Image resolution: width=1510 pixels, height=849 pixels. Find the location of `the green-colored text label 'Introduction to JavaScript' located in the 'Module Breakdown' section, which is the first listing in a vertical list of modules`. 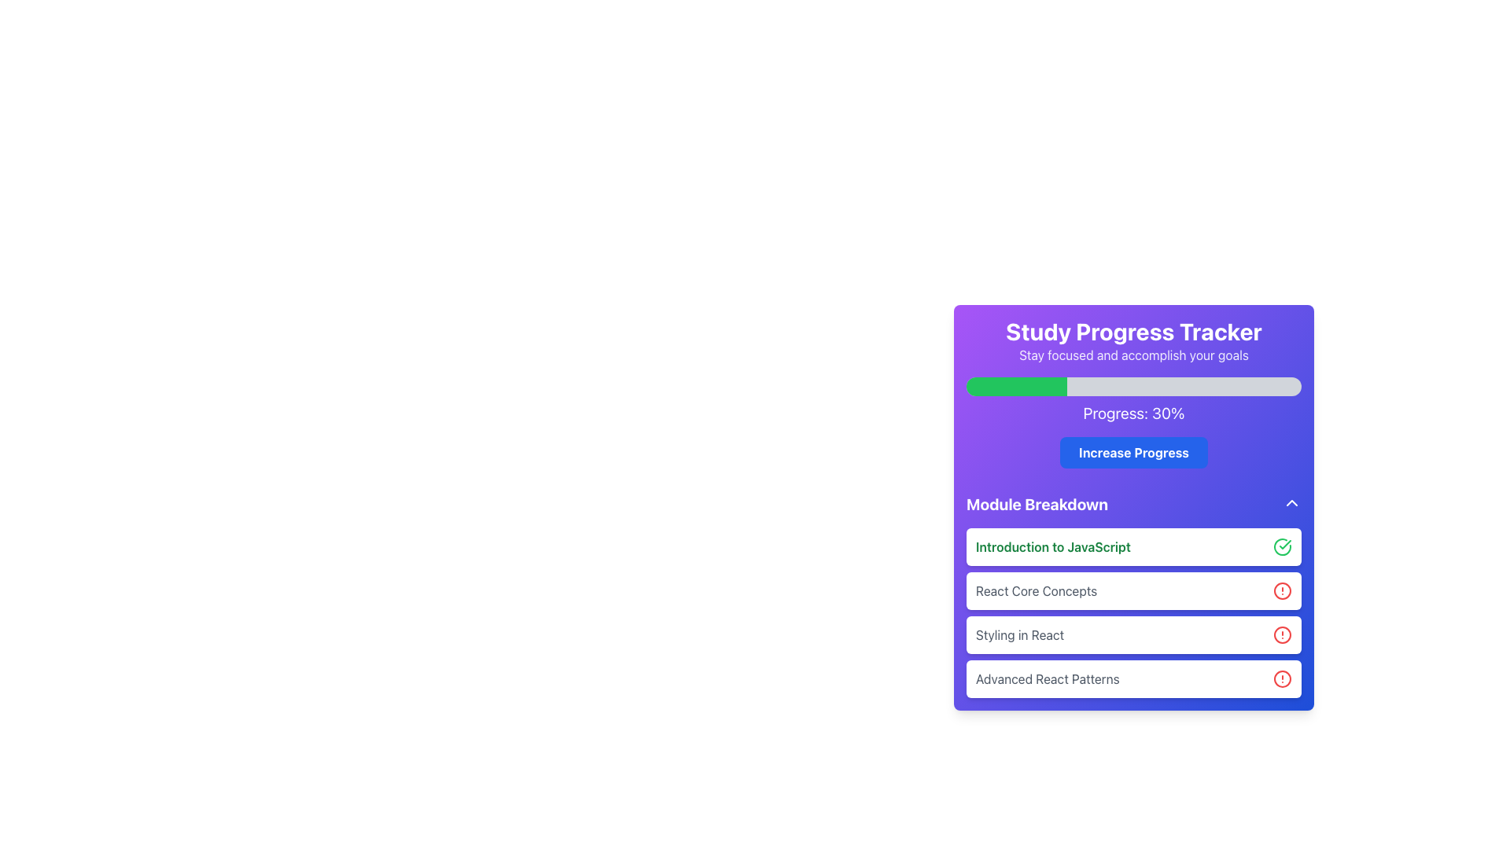

the green-colored text label 'Introduction to JavaScript' located in the 'Module Breakdown' section, which is the first listing in a vertical list of modules is located at coordinates (1053, 546).